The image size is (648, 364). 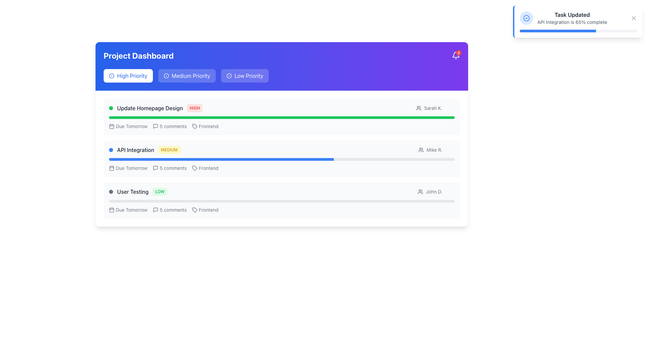 I want to click on the speech bubble icon, which is a small SVG with a thin outline located to the left of the text '5 comments', so click(x=155, y=210).